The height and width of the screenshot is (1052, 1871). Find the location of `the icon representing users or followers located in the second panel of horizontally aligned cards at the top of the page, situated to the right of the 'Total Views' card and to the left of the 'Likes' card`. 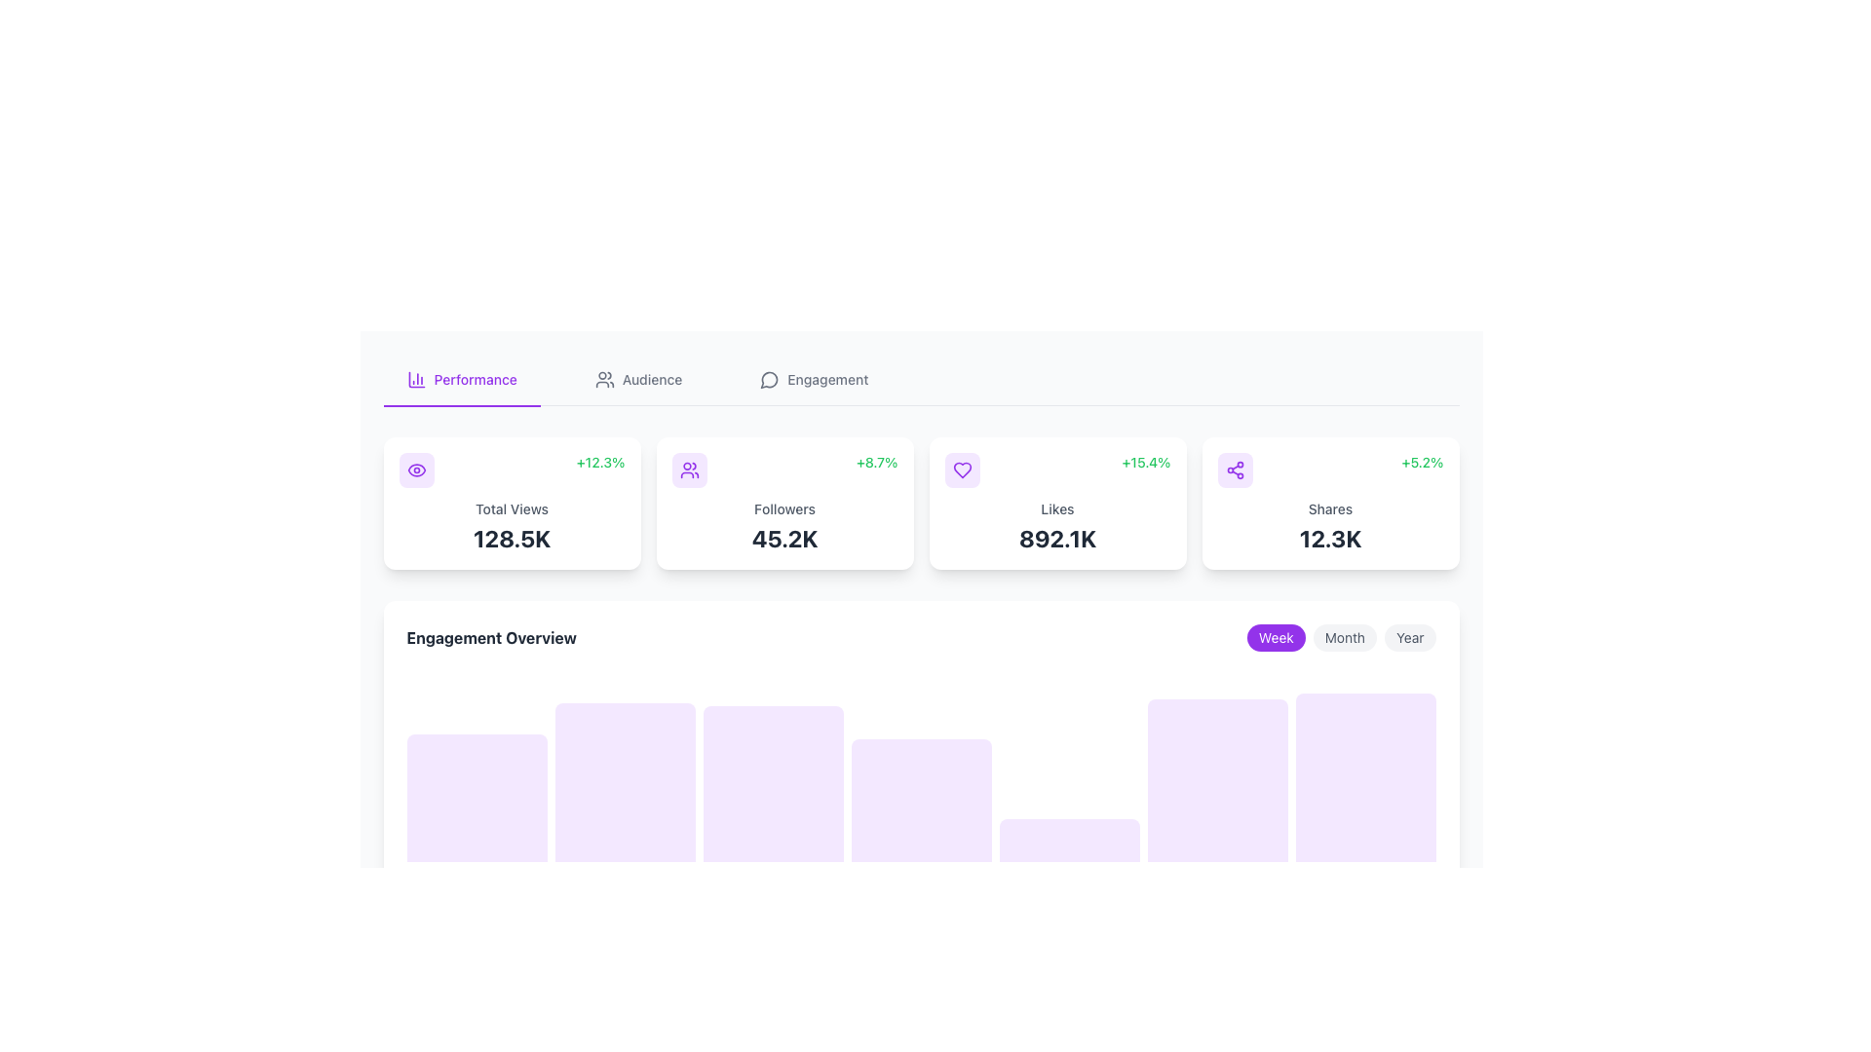

the icon representing users or followers located in the second panel of horizontally aligned cards at the top of the page, situated to the right of the 'Total Views' card and to the left of the 'Likes' card is located at coordinates (689, 470).